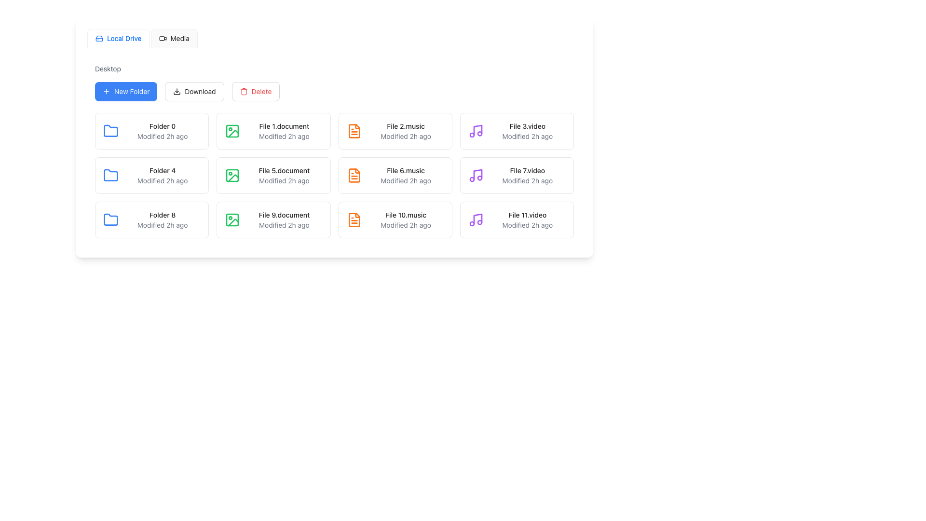  Describe the element at coordinates (527, 219) in the screenshot. I see `the non-interactive text label that displays a file's name and modification timestamp, located in the last row and third column of the grid structure, adjacent to 'File 10.music'` at that location.